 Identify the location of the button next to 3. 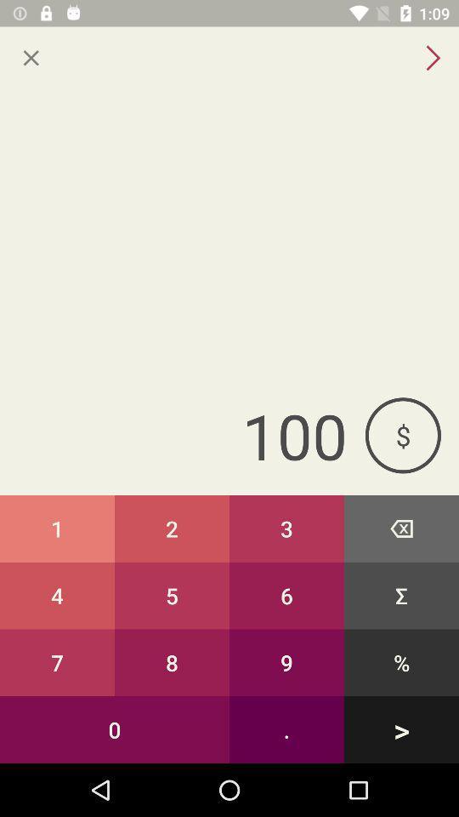
(172, 596).